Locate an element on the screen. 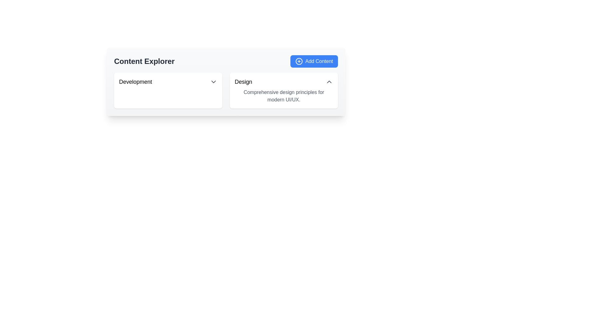  the 'Development' dropdown menu element is located at coordinates (168, 81).